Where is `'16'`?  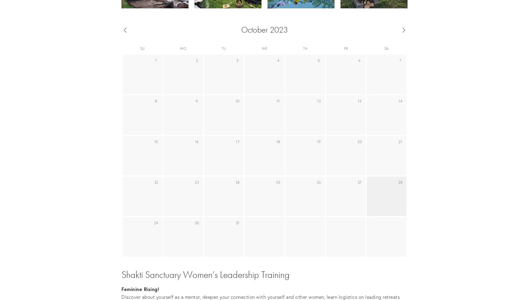
'16' is located at coordinates (196, 141).